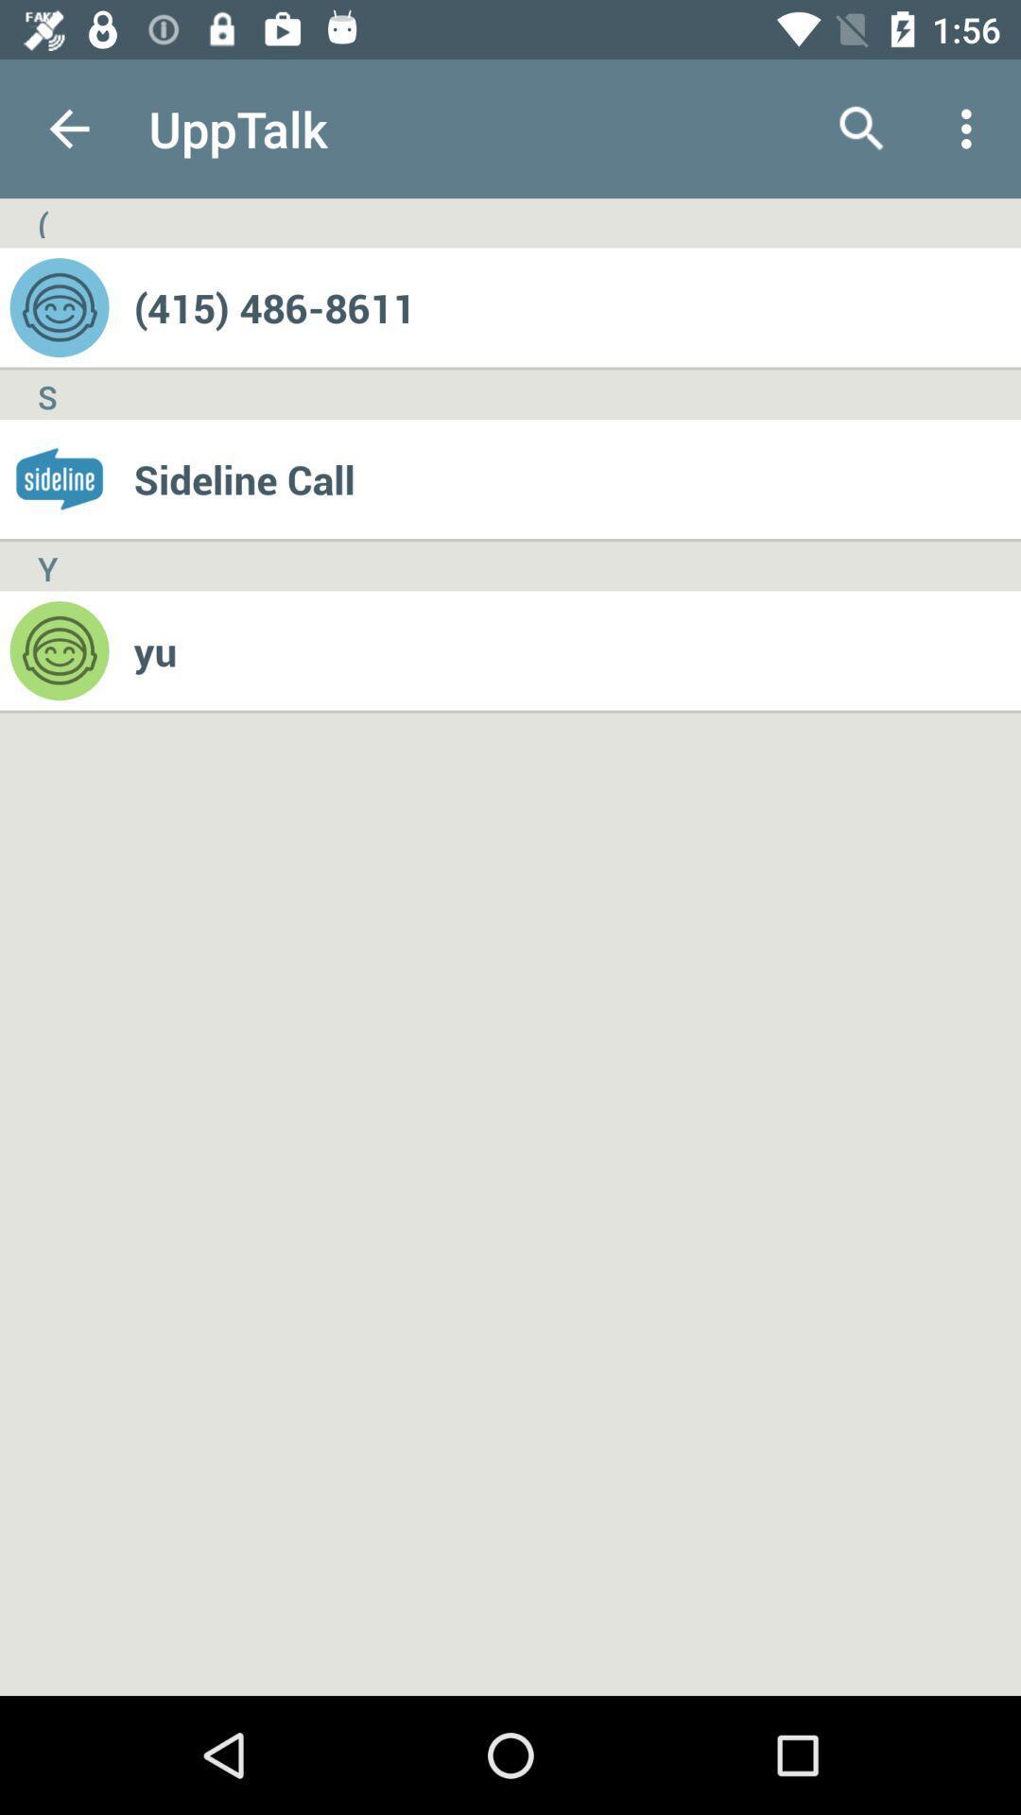 The width and height of the screenshot is (1021, 1815). Describe the element at coordinates (46, 393) in the screenshot. I see `s` at that location.